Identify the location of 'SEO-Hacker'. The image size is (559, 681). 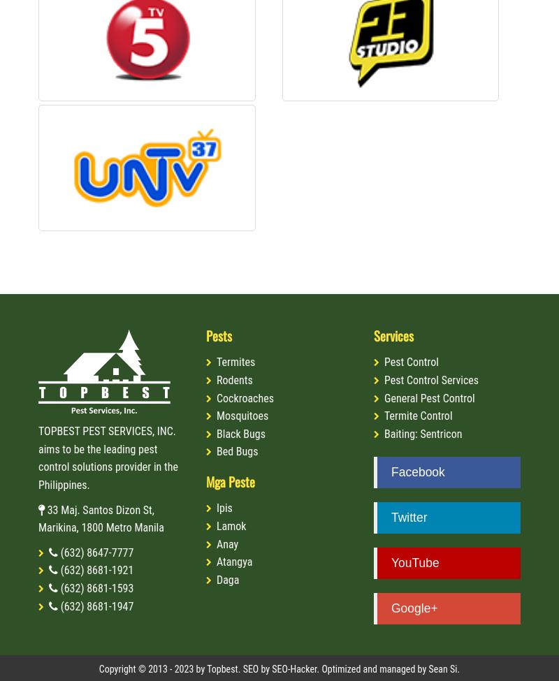
(293, 668).